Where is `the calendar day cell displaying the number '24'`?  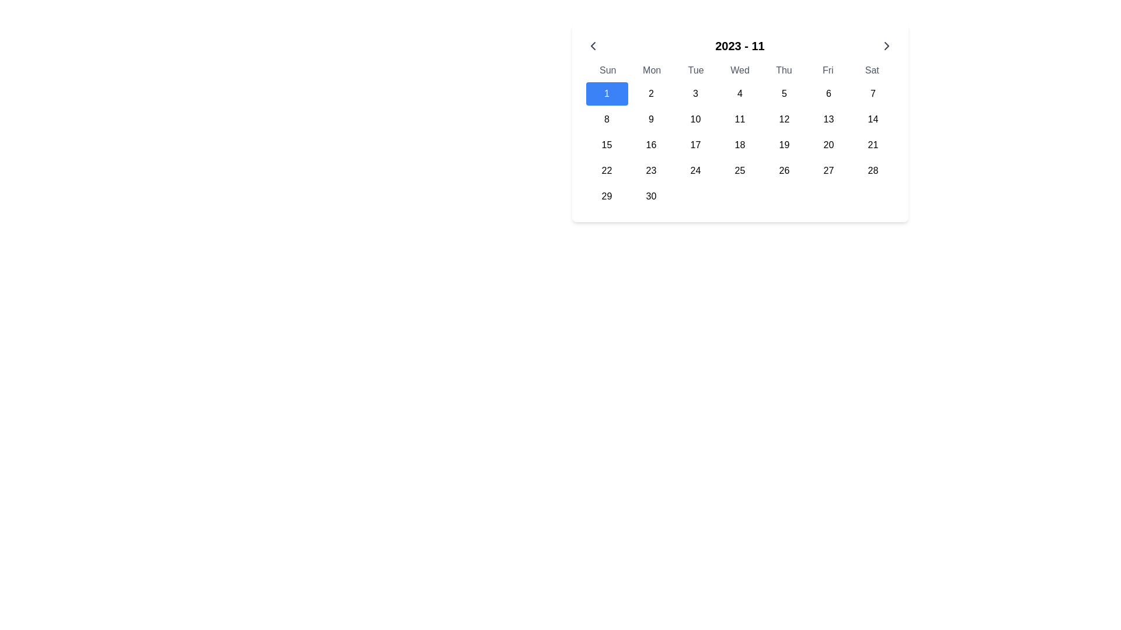 the calendar day cell displaying the number '24' is located at coordinates (695, 171).